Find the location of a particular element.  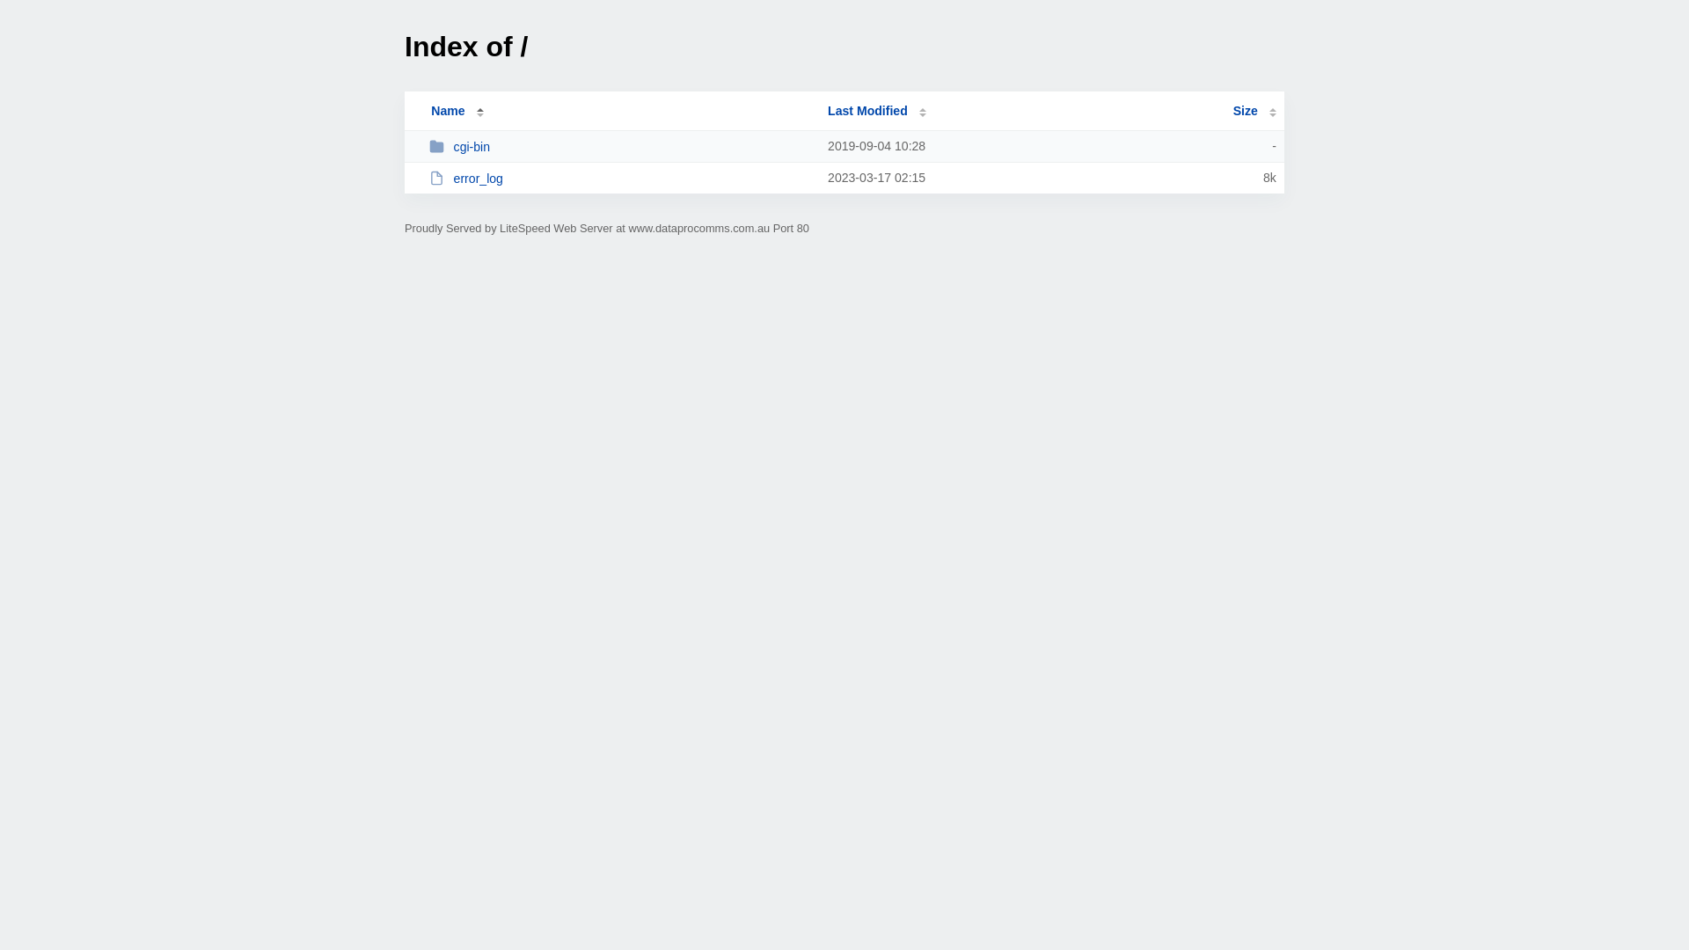

'Size' is located at coordinates (1254, 111).